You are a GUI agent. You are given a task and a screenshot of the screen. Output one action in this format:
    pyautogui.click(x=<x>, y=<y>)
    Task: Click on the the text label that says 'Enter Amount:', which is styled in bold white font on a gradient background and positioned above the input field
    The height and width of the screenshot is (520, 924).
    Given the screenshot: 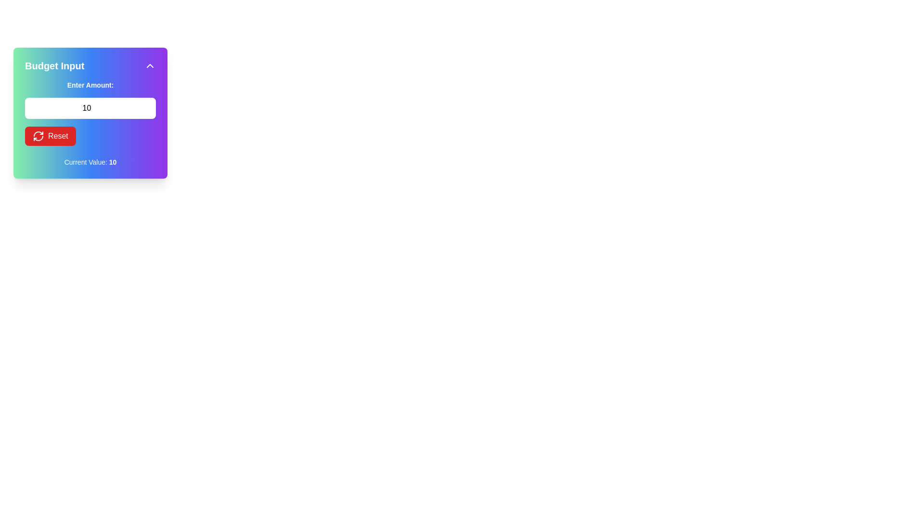 What is the action you would take?
    pyautogui.click(x=90, y=85)
    